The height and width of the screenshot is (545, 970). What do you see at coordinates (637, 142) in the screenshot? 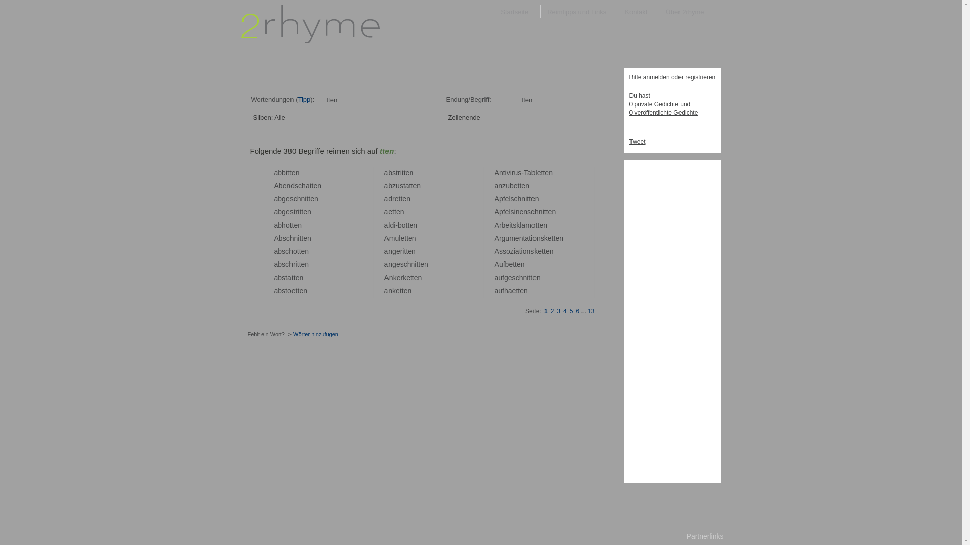
I see `'Tweet'` at bounding box center [637, 142].